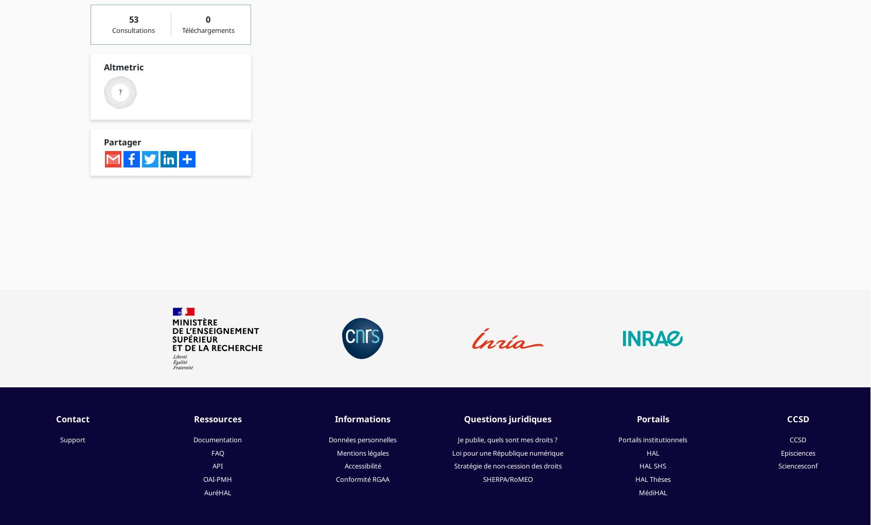 Image resolution: width=871 pixels, height=525 pixels. I want to click on 'Accessibilité', so click(344, 465).